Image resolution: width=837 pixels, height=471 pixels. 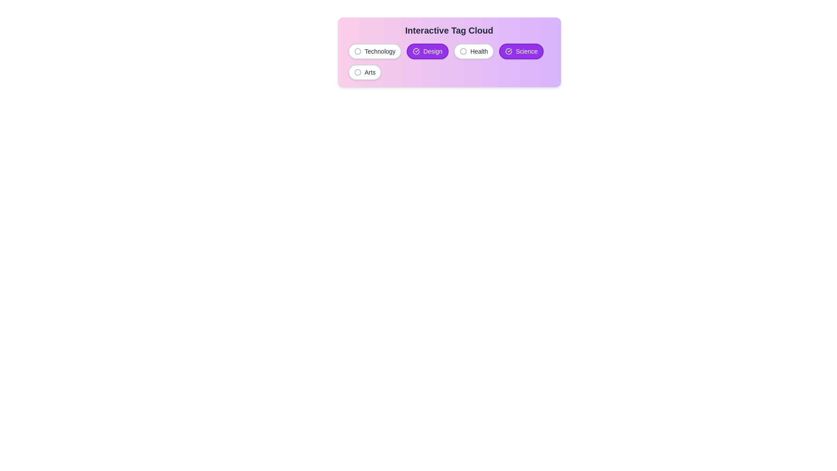 What do you see at coordinates (428, 51) in the screenshot?
I see `the tag labeled Design to observe its hover effect` at bounding box center [428, 51].